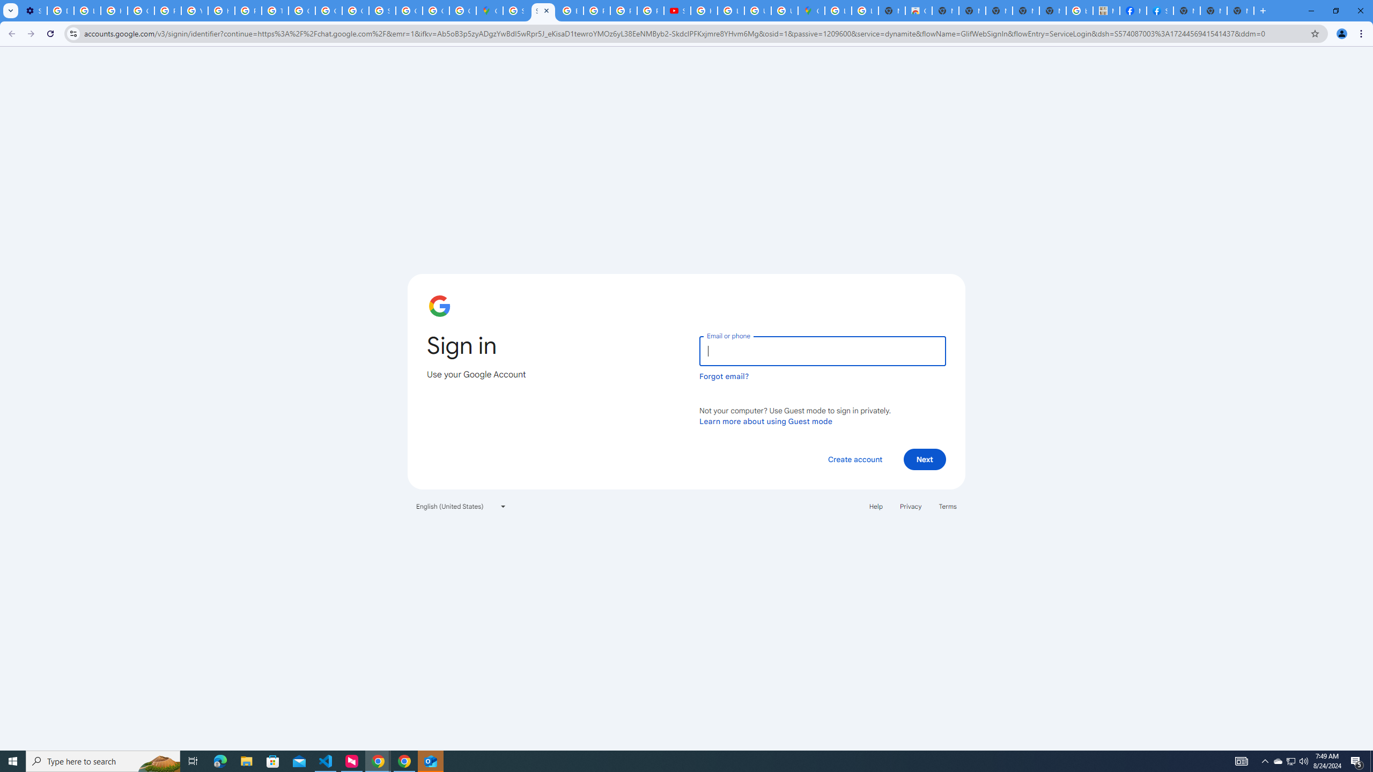 The image size is (1373, 772). What do you see at coordinates (1239, 10) in the screenshot?
I see `'New Tab'` at bounding box center [1239, 10].